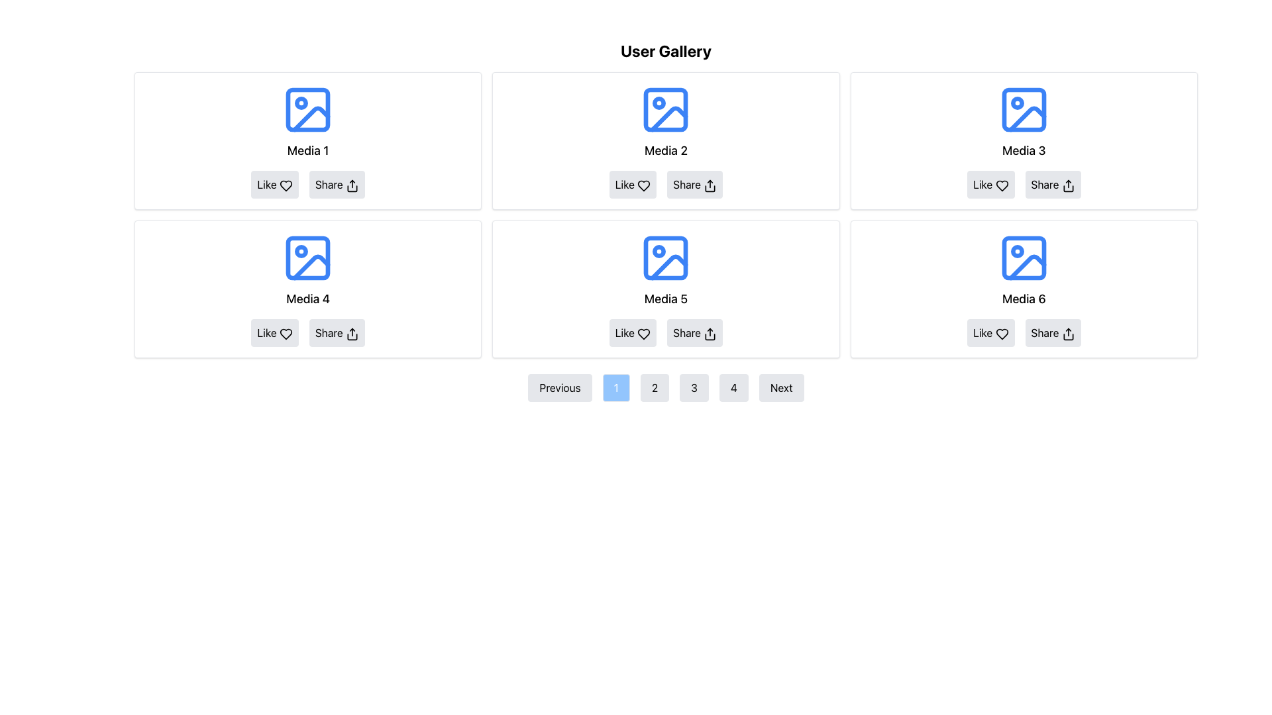  Describe the element at coordinates (655, 387) in the screenshot. I see `the button labeled '2' in the pagination bar to indicate selection` at that location.